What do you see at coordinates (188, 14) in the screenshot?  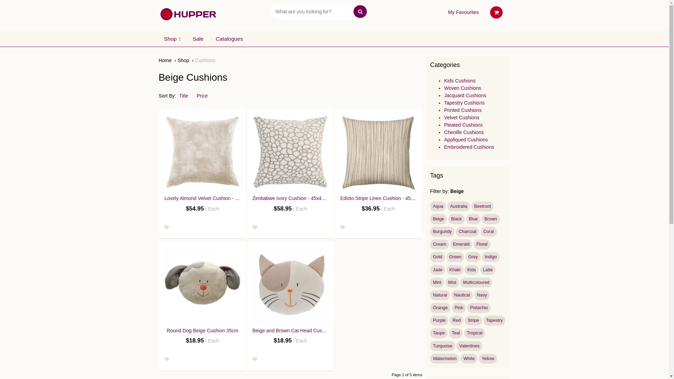 I see `'Hupper'` at bounding box center [188, 14].